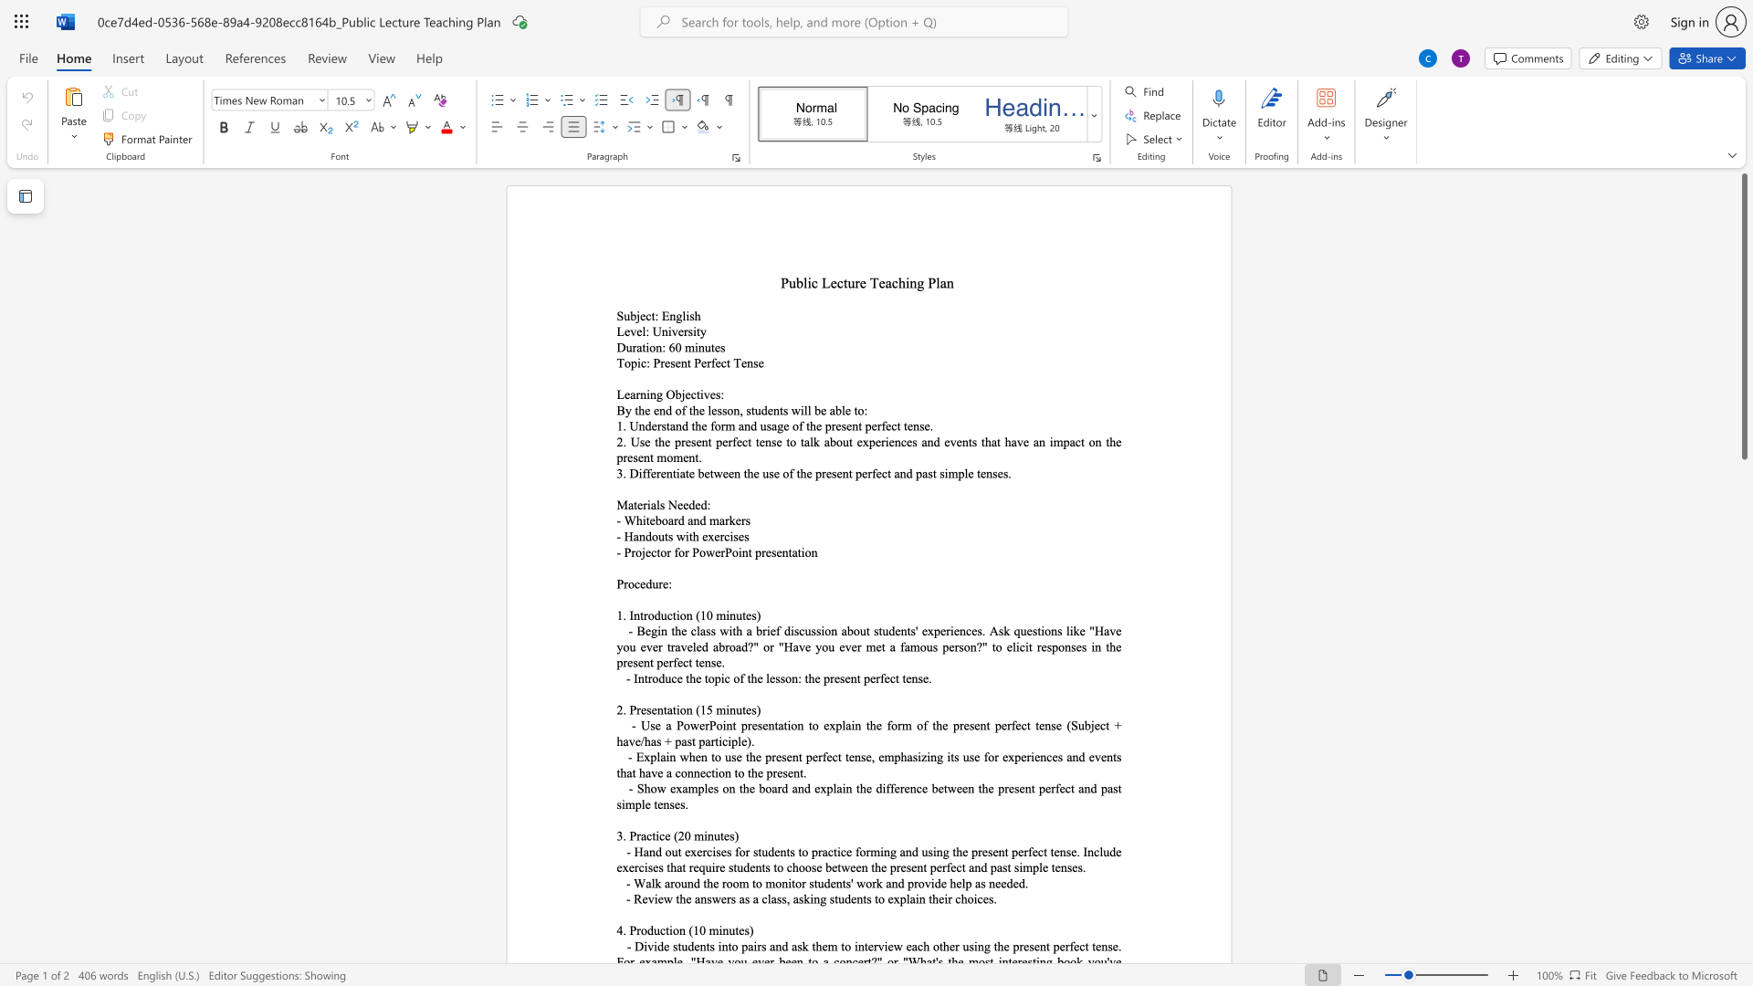 The width and height of the screenshot is (1753, 986). What do you see at coordinates (803, 772) in the screenshot?
I see `the space between the continuous character "t" and "." in the text` at bounding box center [803, 772].